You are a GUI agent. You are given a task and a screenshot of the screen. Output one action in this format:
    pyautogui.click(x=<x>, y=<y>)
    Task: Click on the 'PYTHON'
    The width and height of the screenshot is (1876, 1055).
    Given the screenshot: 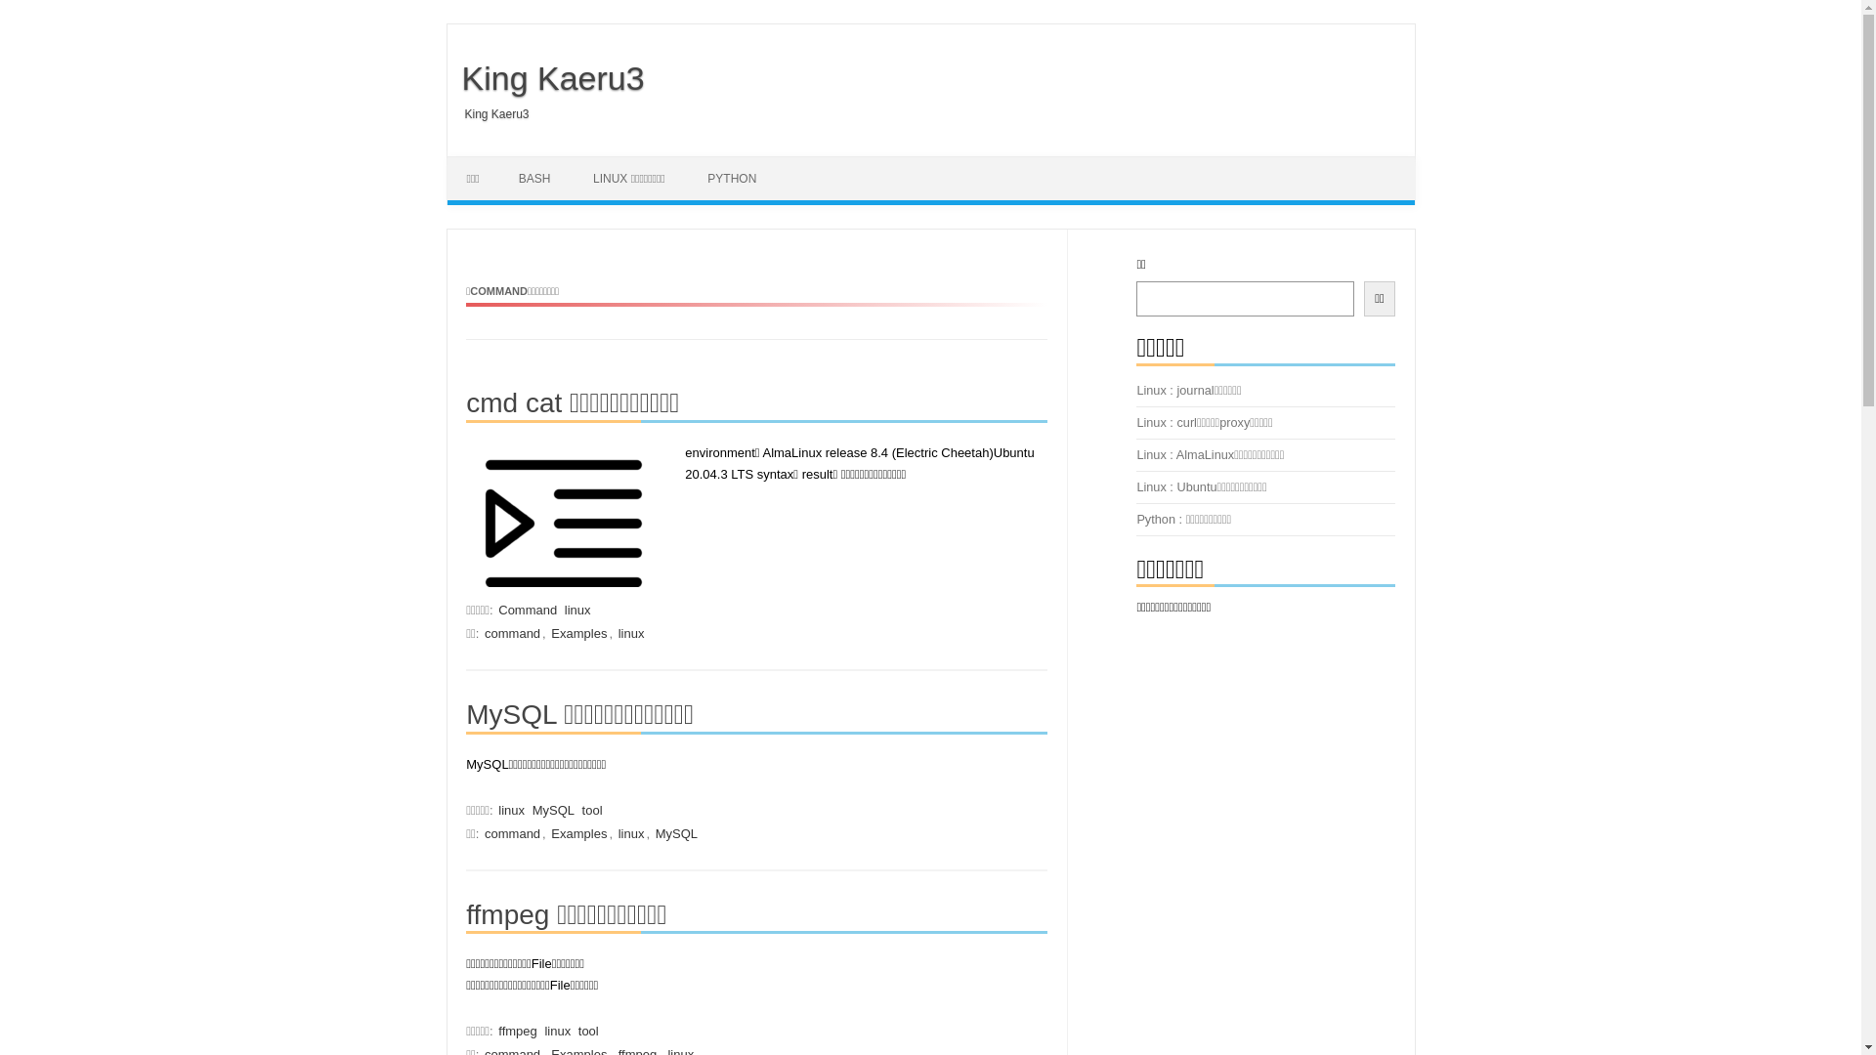 What is the action you would take?
    pyautogui.click(x=730, y=178)
    